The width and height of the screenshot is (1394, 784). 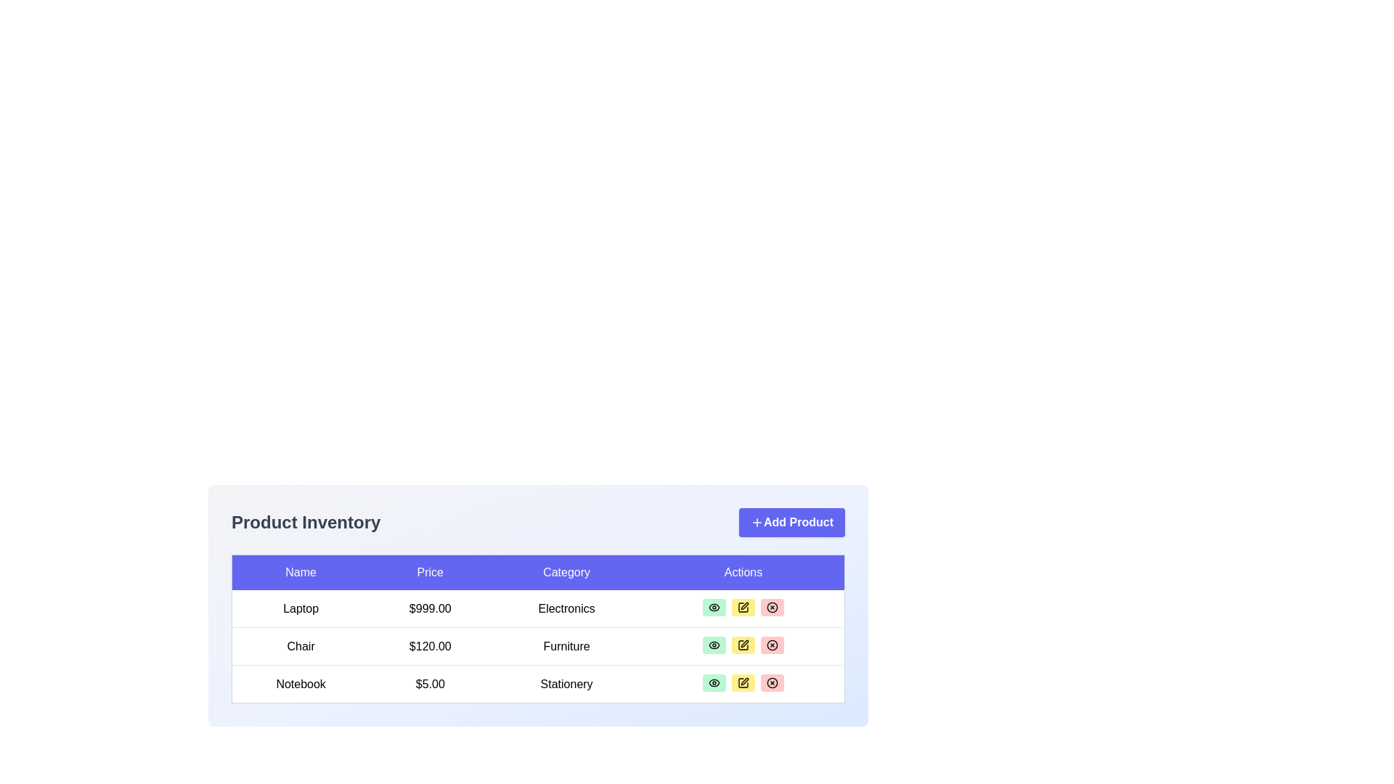 I want to click on text from the 'Name' header label, which is the first item in a horizontal row of four labels in the table column, so click(x=300, y=571).